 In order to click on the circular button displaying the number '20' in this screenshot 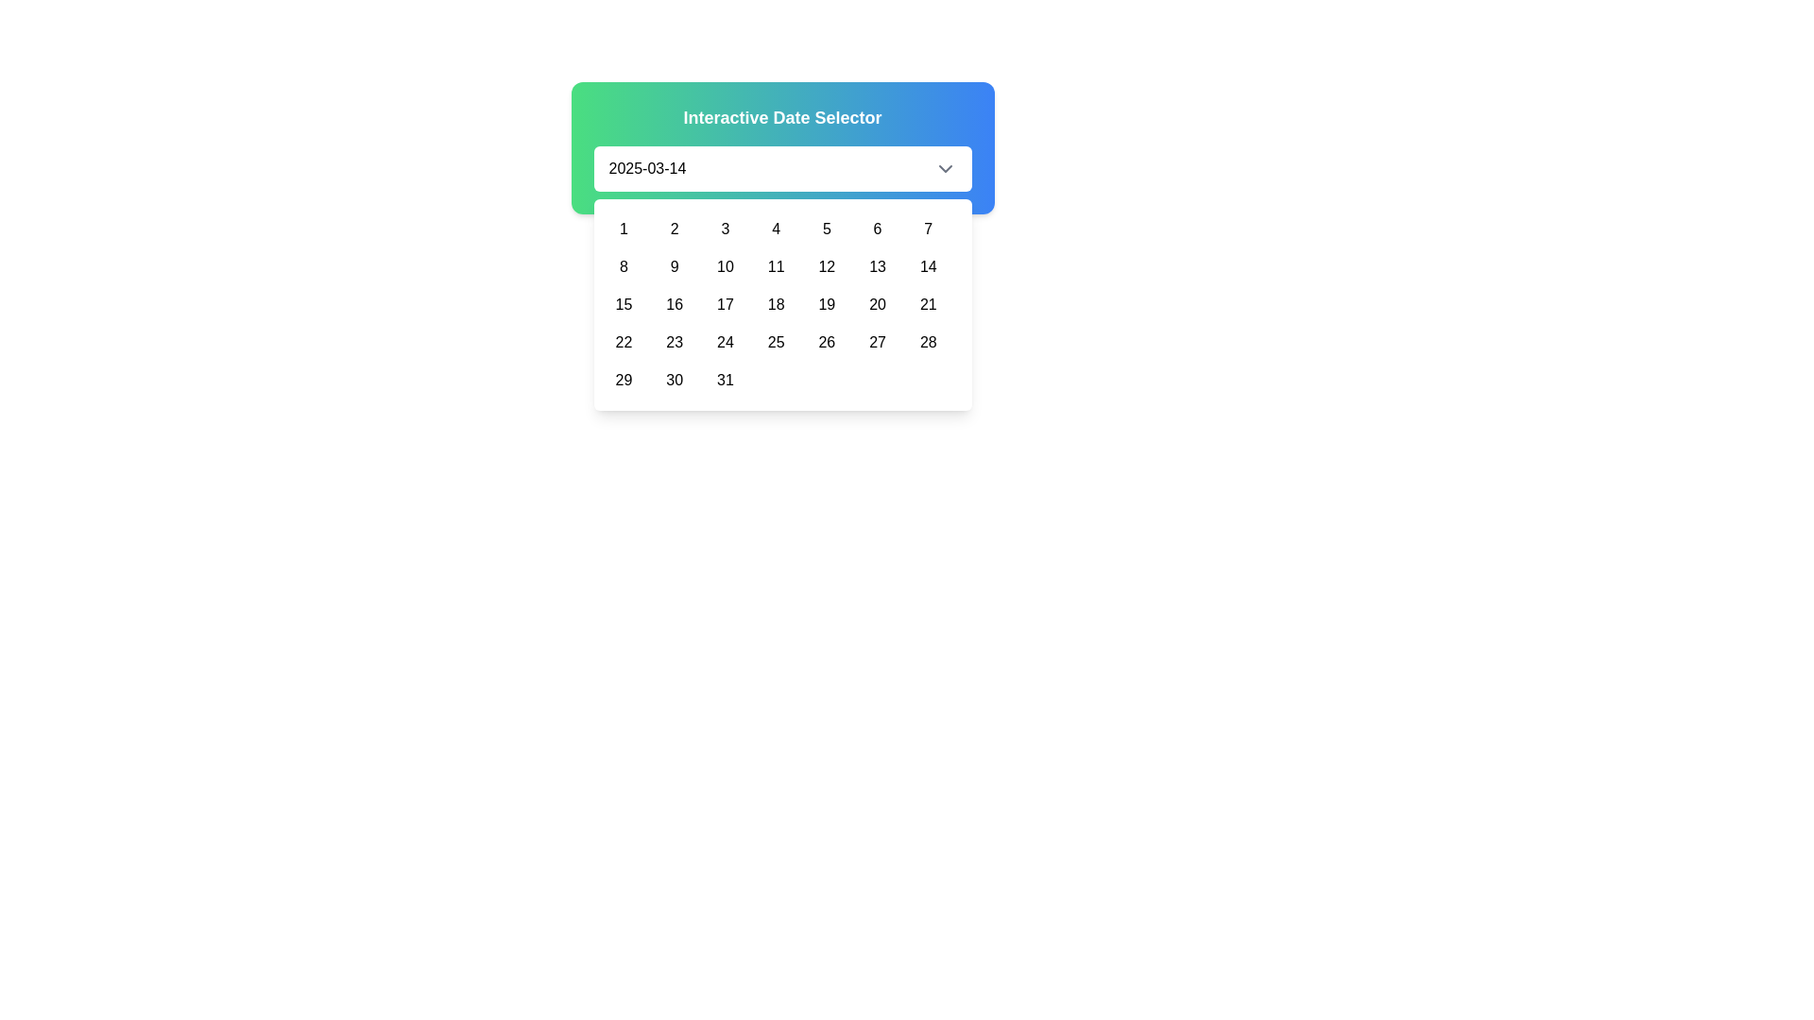, I will do `click(877, 304)`.